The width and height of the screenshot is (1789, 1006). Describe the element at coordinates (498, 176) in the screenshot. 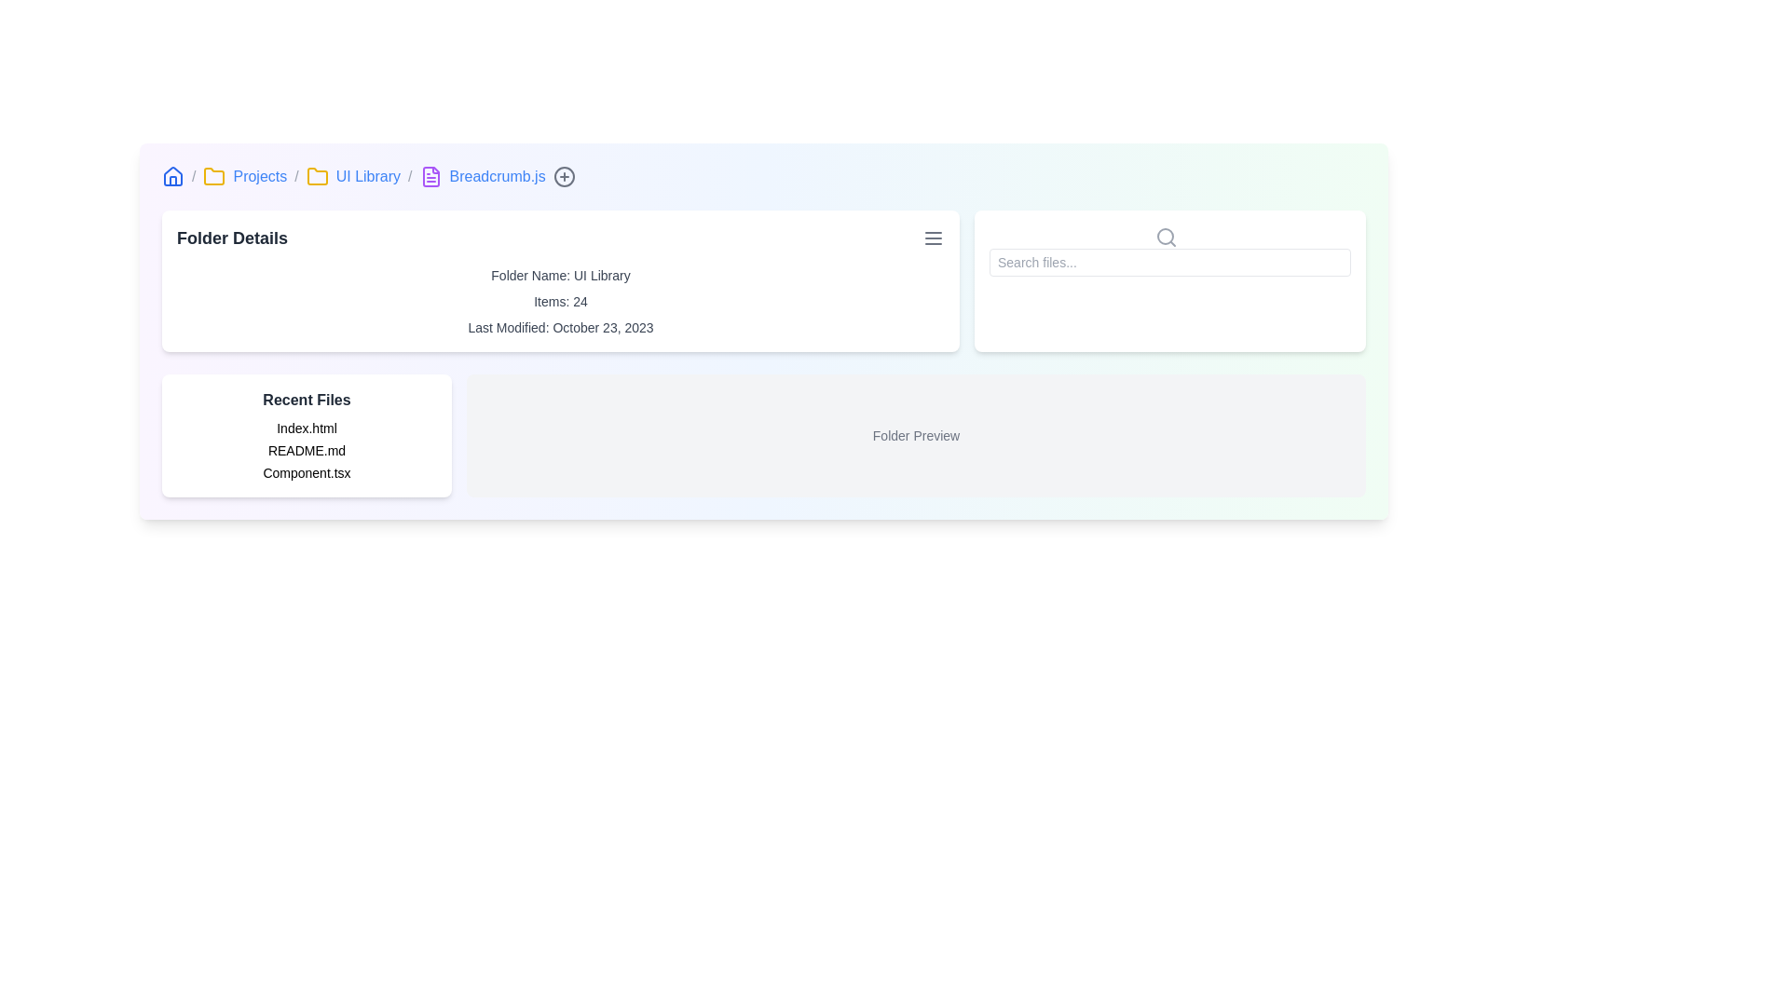

I see `the text label displaying 'Breadcrumb.js', styled in blue, located as the last clickable segment of the breadcrumb navigation bar` at that location.